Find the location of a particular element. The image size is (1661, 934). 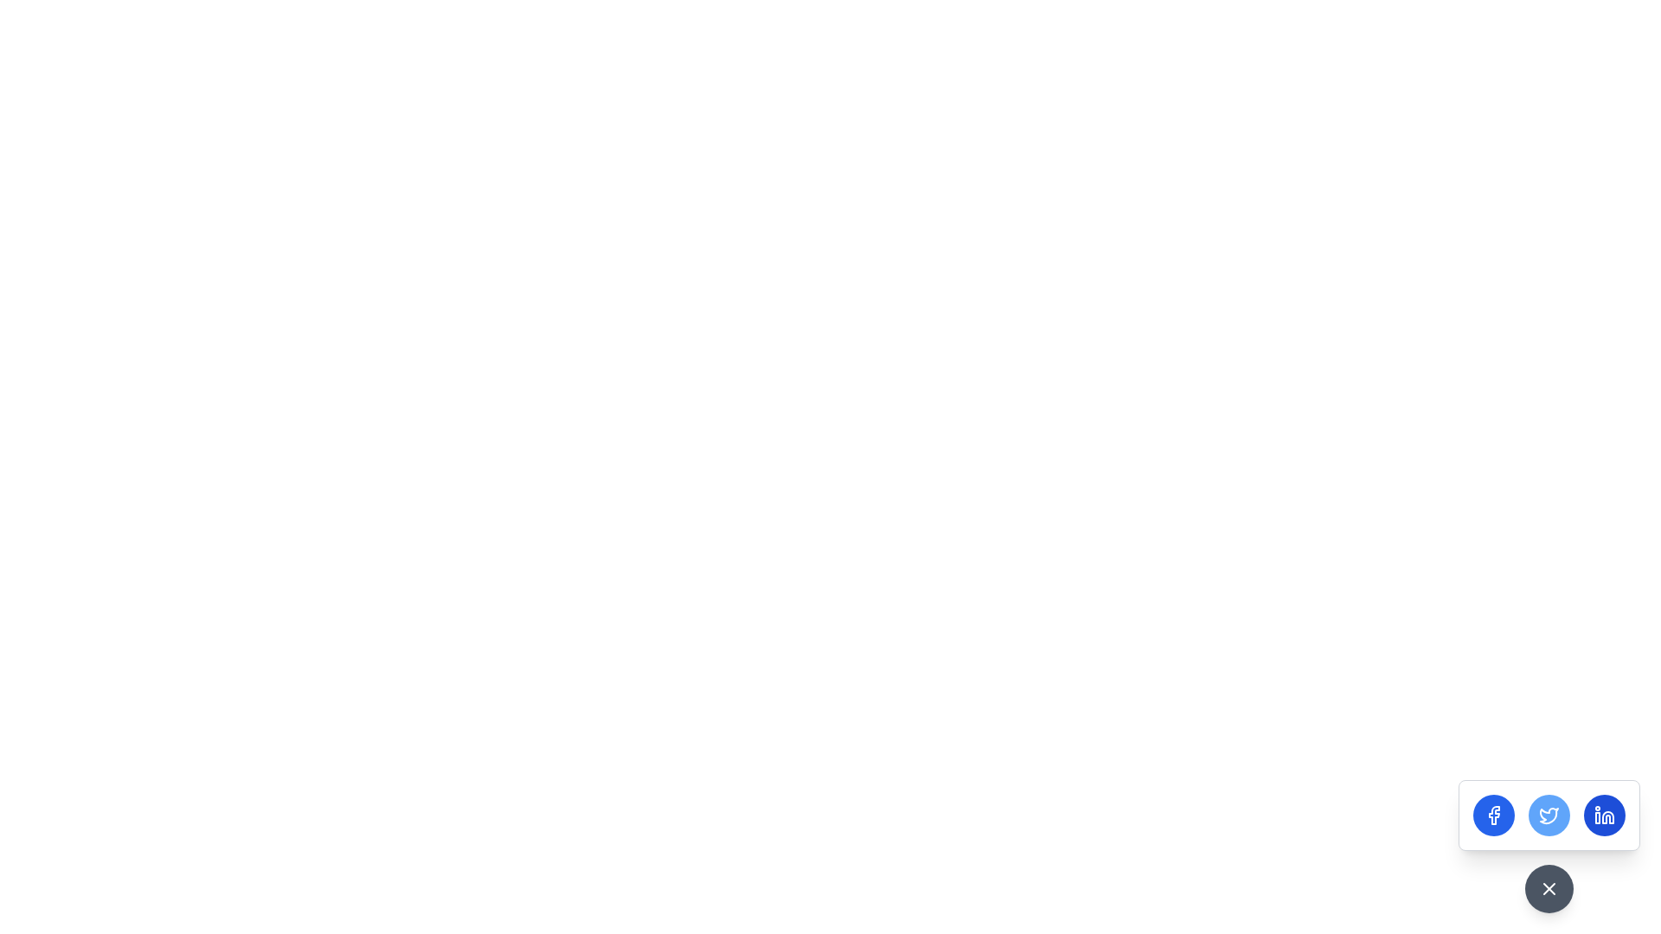

the LinkedIn-styled half-circle icon located in the rightmost position of a horizontal group of three circular icons, above a rounded close button is located at coordinates (1606, 817).